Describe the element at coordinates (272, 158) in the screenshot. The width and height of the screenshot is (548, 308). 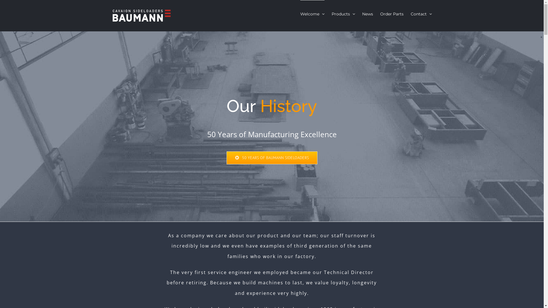
I see `'50 YEARS OF BAUMANN SIDELOADERS'` at that location.